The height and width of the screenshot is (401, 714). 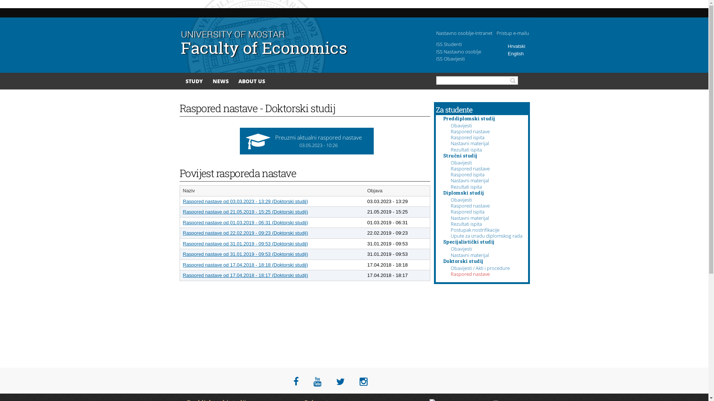 I want to click on 'Raspored nastave od 21.05.2019 - 15:25 (Doktorski studij)', so click(x=245, y=212).